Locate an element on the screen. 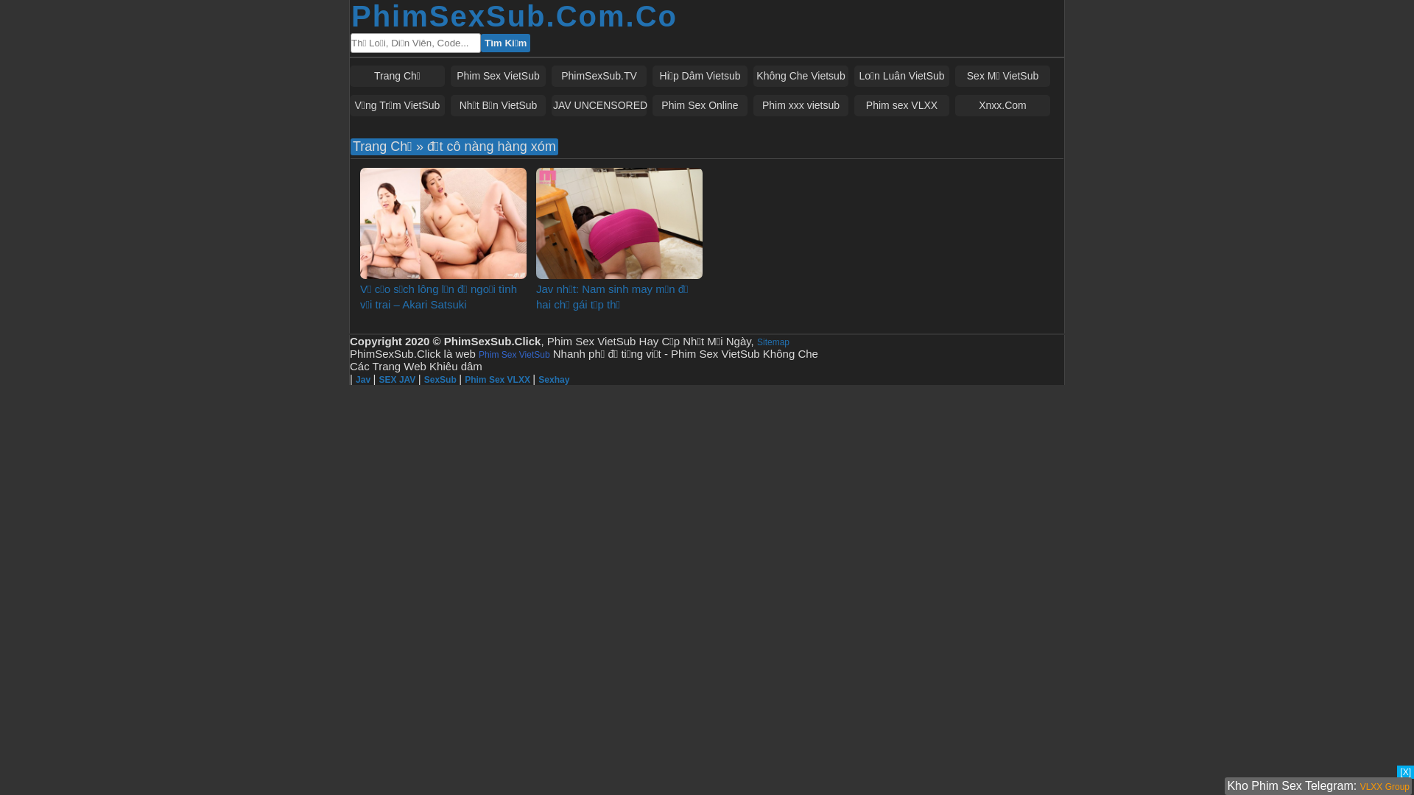 This screenshot has height=795, width=1414. 'Phim sex VLXX' is located at coordinates (901, 105).